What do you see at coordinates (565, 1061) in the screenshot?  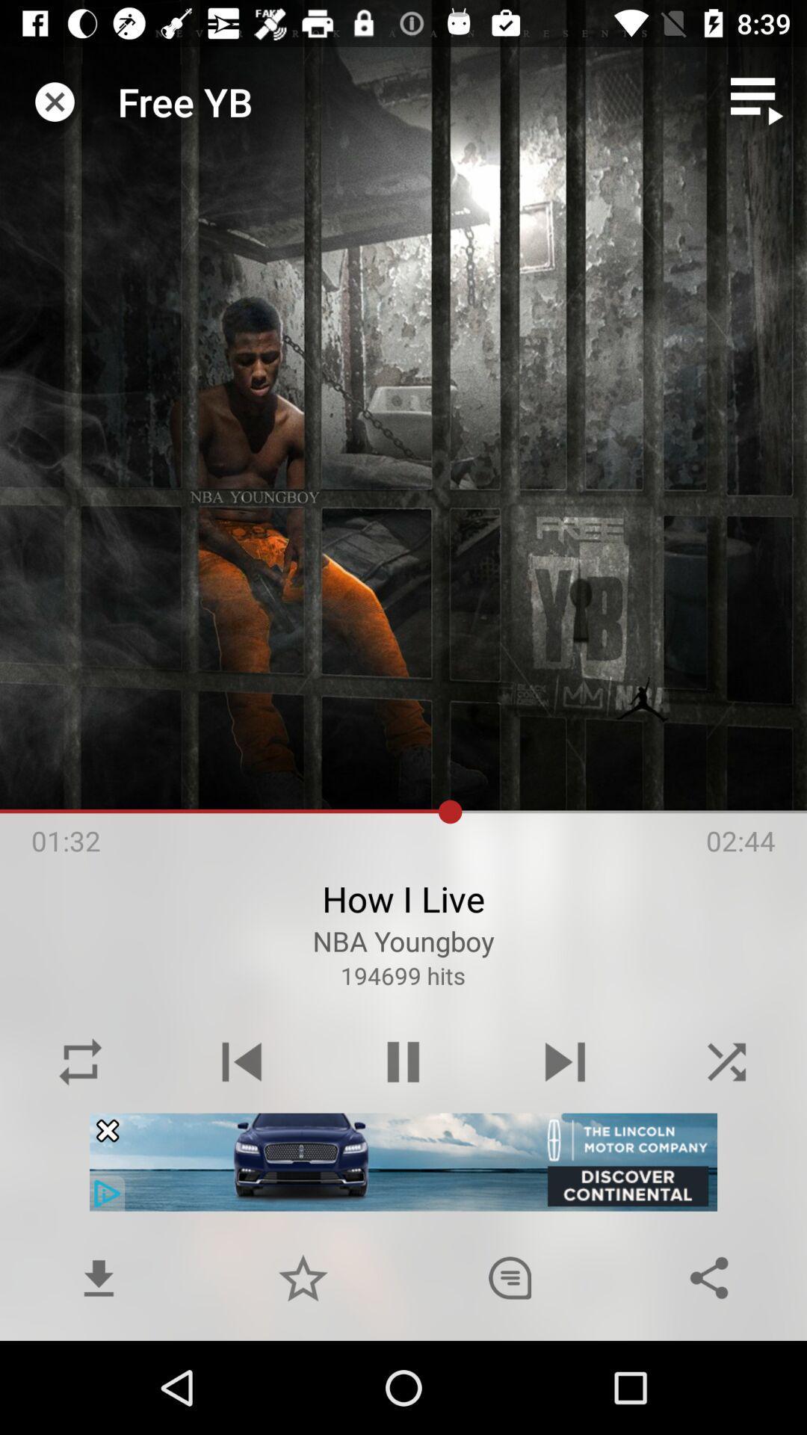 I see `the skip_next icon` at bounding box center [565, 1061].